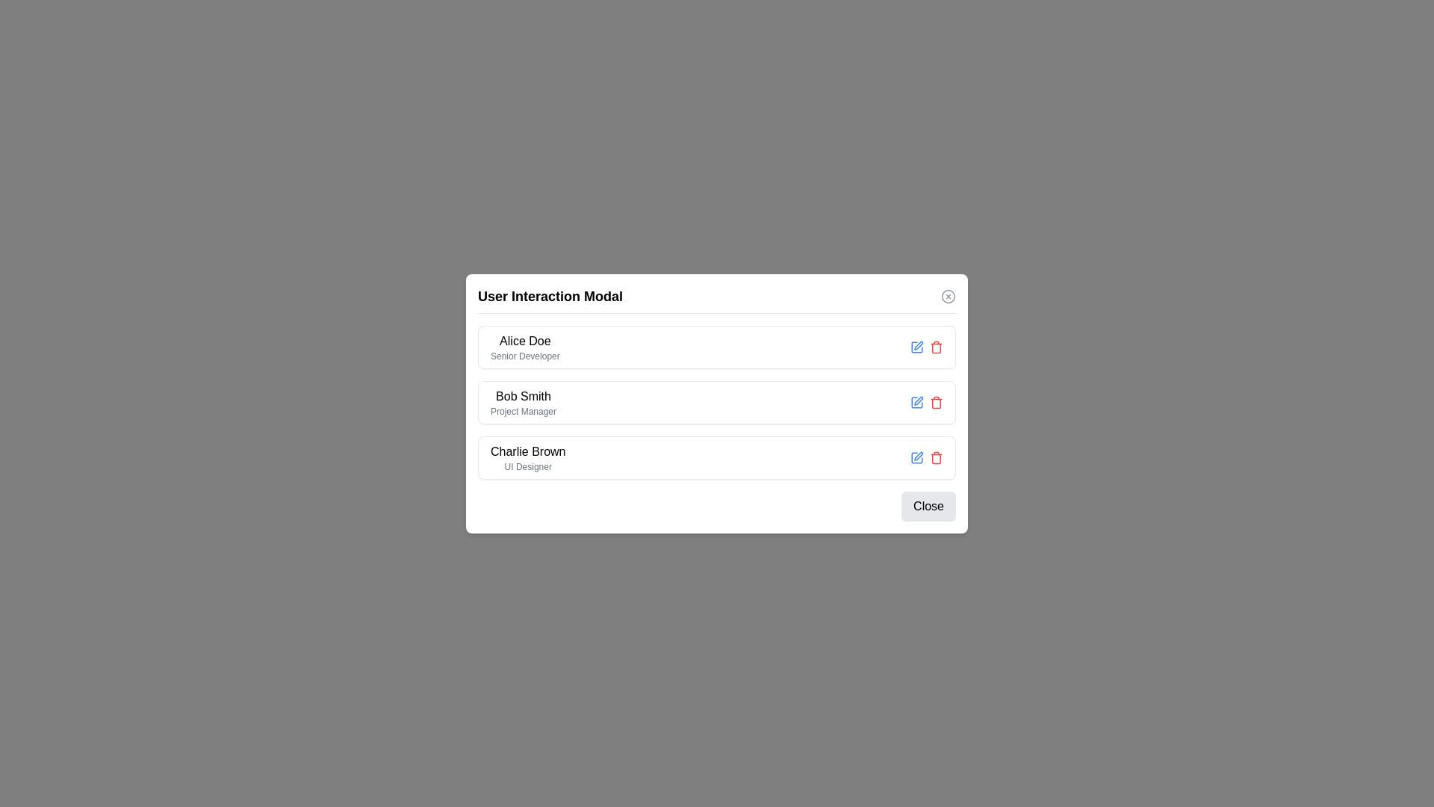 Image resolution: width=1434 pixels, height=807 pixels. What do you see at coordinates (935, 457) in the screenshot?
I see `the second part of the trash can icon, which is associated with the delete action for the user entry 'Charlie Brown - UI Designer.'` at bounding box center [935, 457].